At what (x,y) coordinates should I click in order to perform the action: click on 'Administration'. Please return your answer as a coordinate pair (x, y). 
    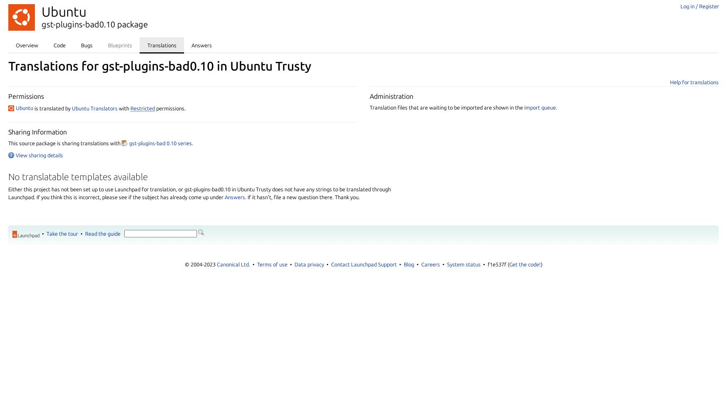
    Looking at the image, I should click on (391, 95).